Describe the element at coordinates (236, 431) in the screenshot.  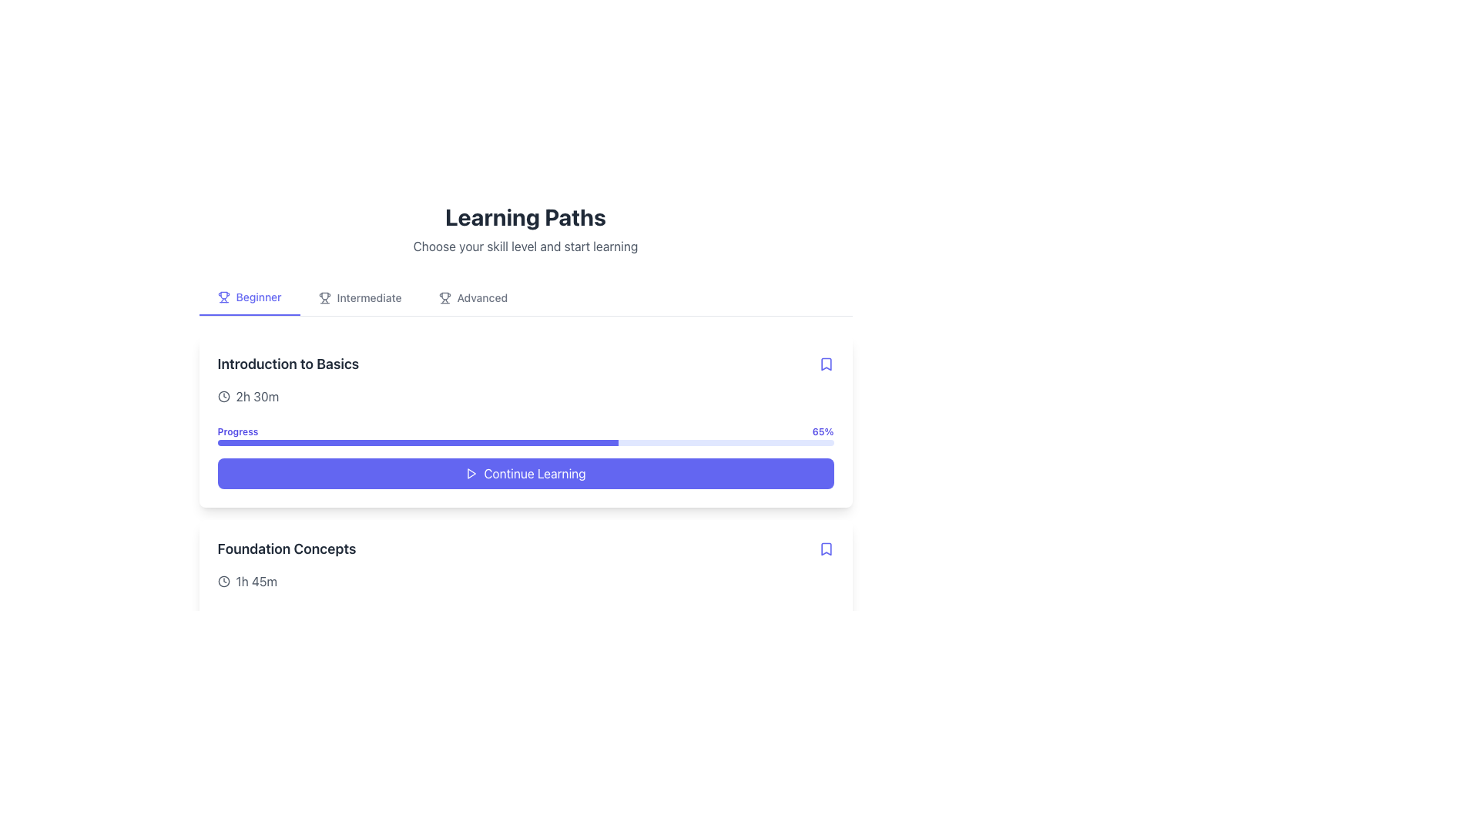
I see `the text label displaying 'Progress' in blue, located above the progress bar in the card section titled 'Introduction to Basics'` at that location.